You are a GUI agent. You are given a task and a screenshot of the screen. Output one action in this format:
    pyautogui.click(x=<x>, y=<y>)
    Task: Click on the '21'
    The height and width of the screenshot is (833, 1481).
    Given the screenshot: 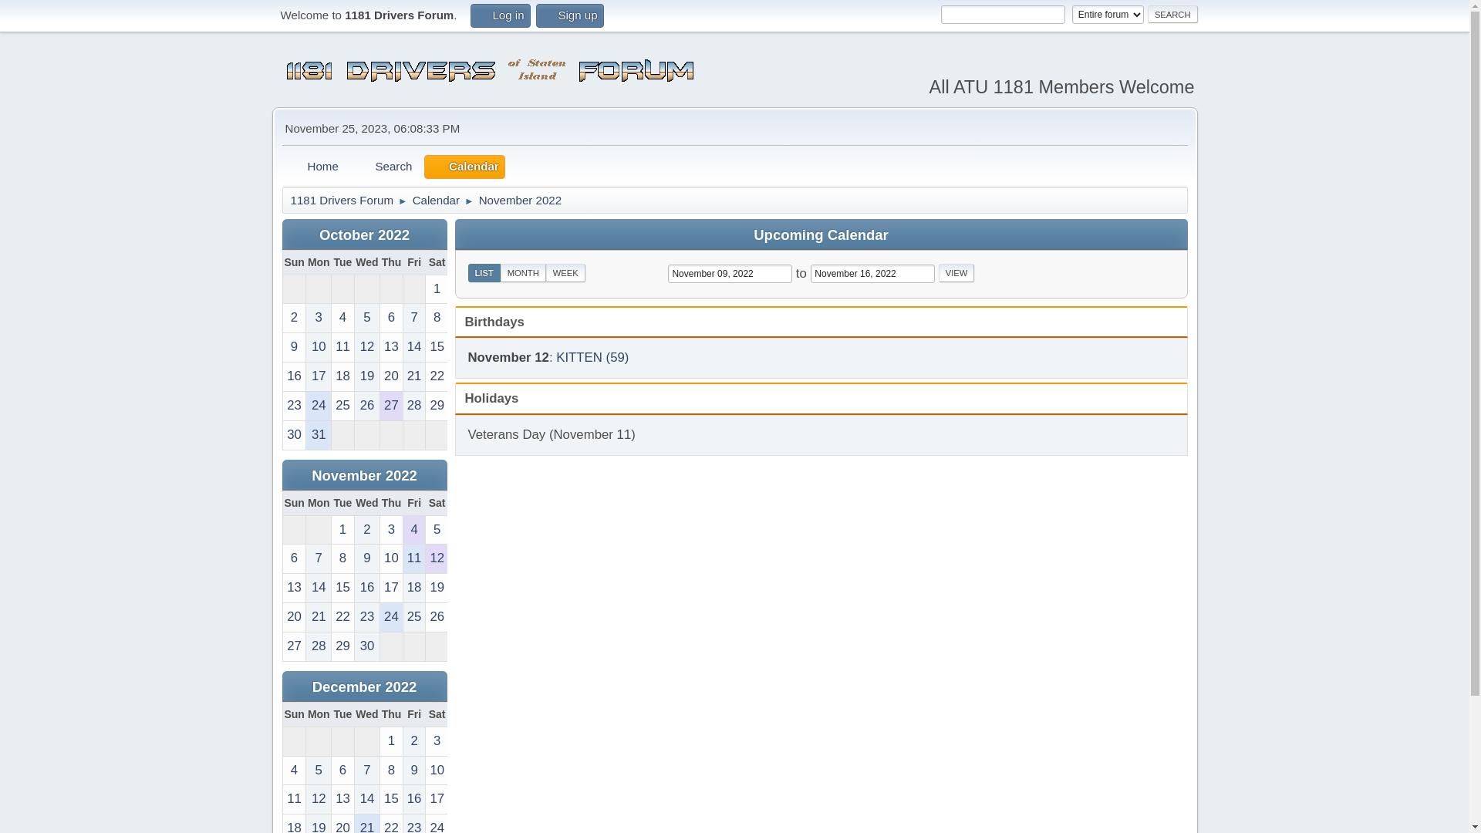 What is the action you would take?
    pyautogui.click(x=317, y=616)
    